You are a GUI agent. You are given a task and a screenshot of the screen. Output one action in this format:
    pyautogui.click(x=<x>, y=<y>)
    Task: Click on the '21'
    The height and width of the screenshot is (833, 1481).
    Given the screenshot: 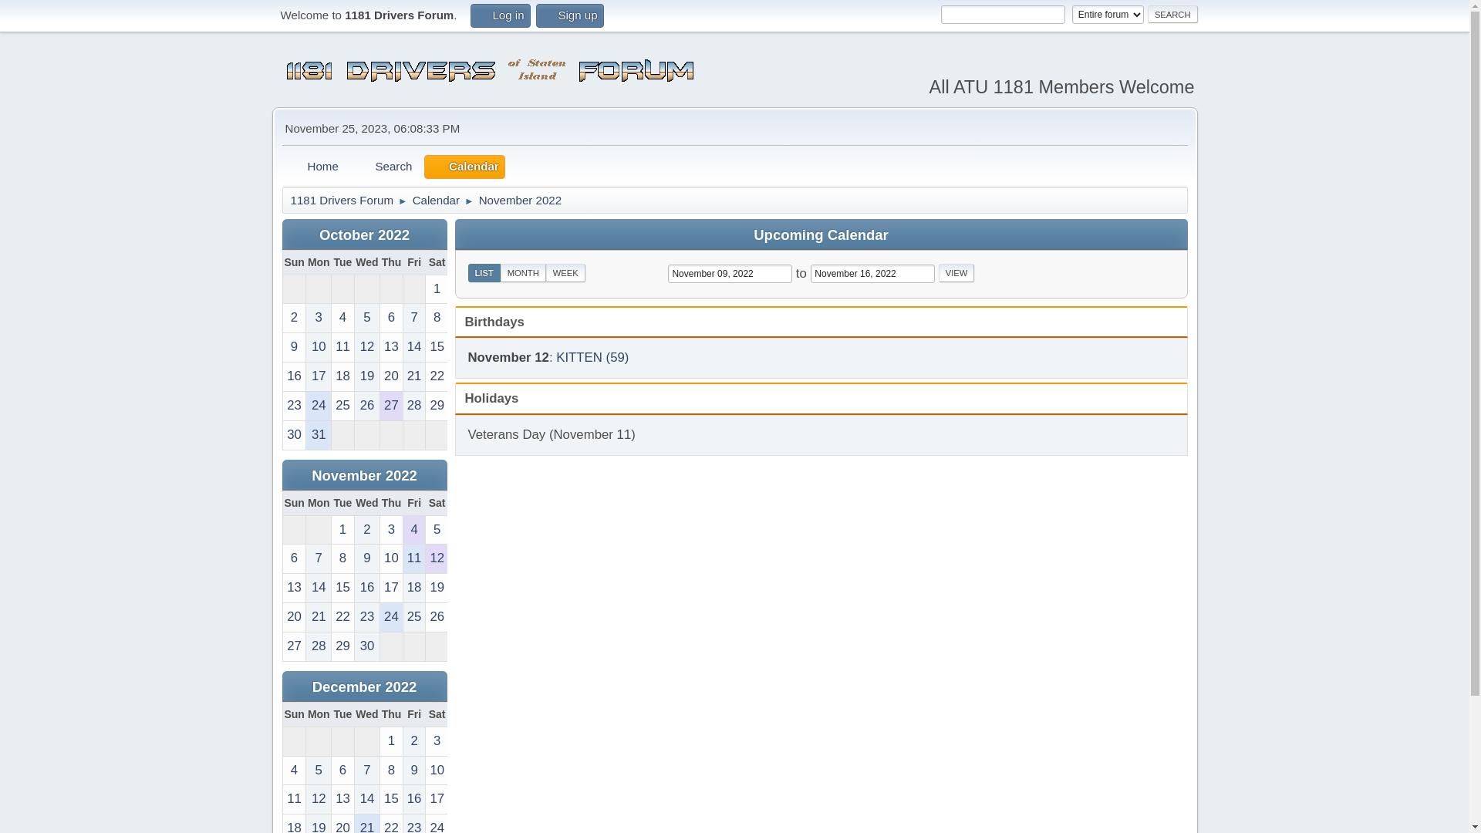 What is the action you would take?
    pyautogui.click(x=317, y=616)
    